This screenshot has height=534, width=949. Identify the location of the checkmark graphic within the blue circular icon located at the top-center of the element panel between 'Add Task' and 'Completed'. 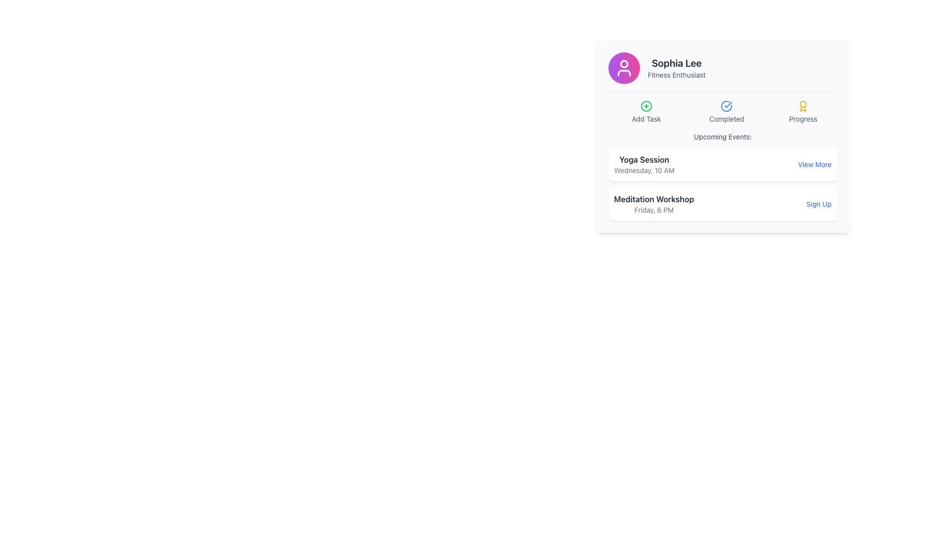
(728, 105).